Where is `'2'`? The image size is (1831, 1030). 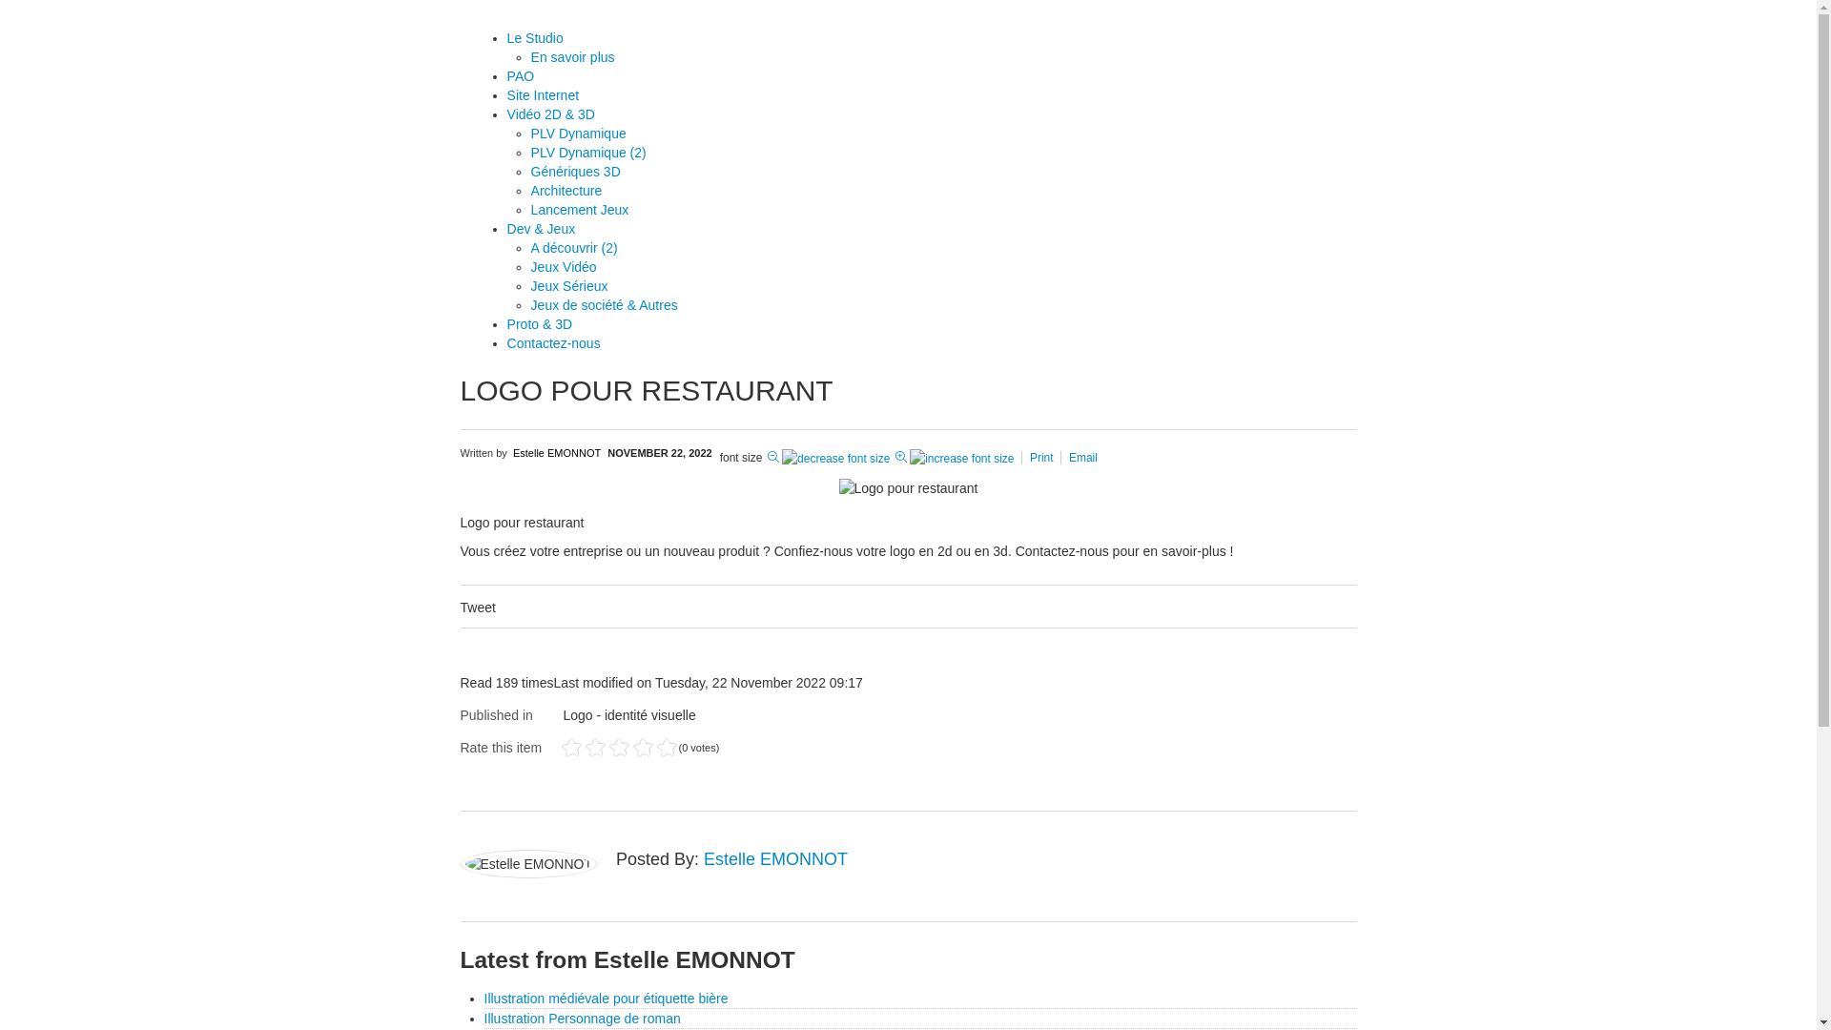
'2' is located at coordinates (581, 747).